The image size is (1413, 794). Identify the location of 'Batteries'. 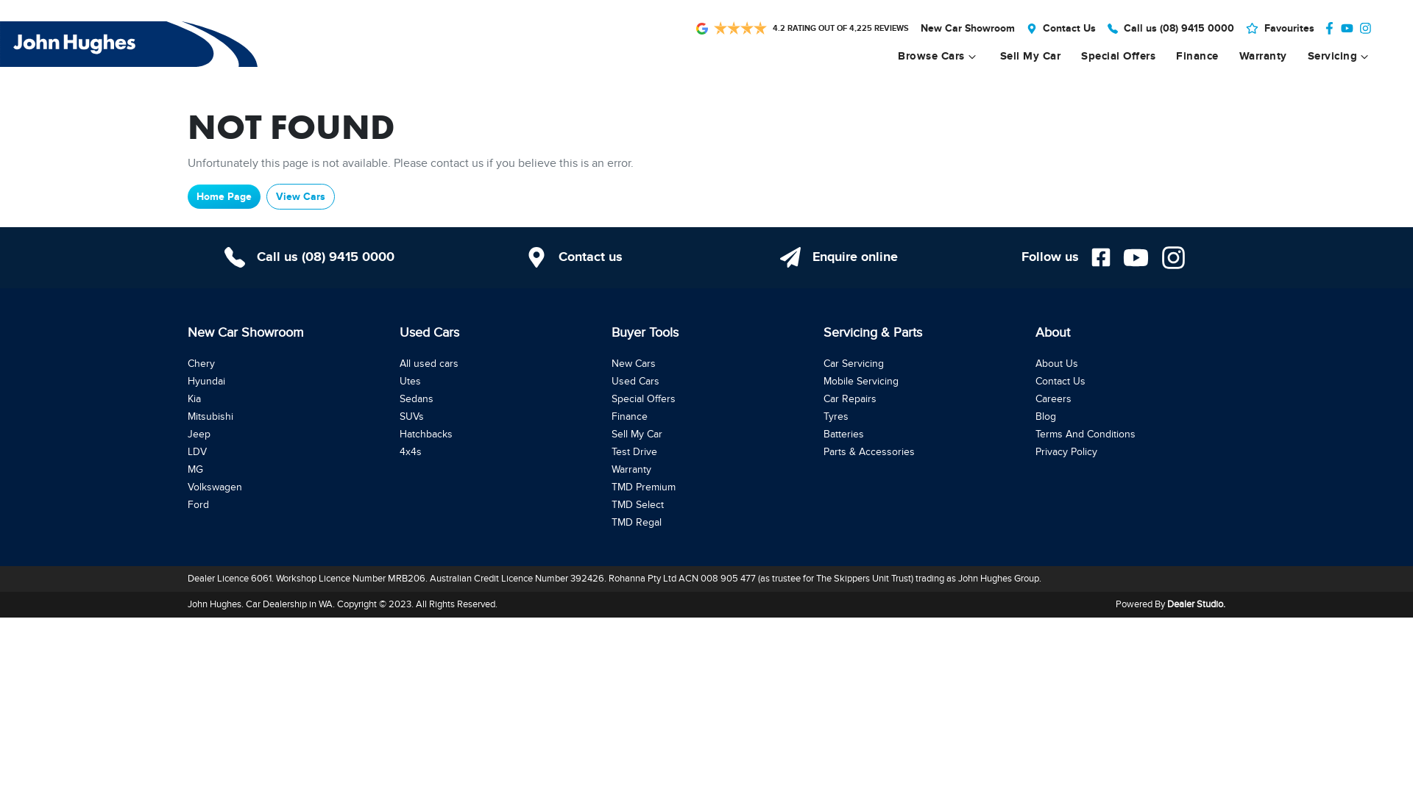
(843, 433).